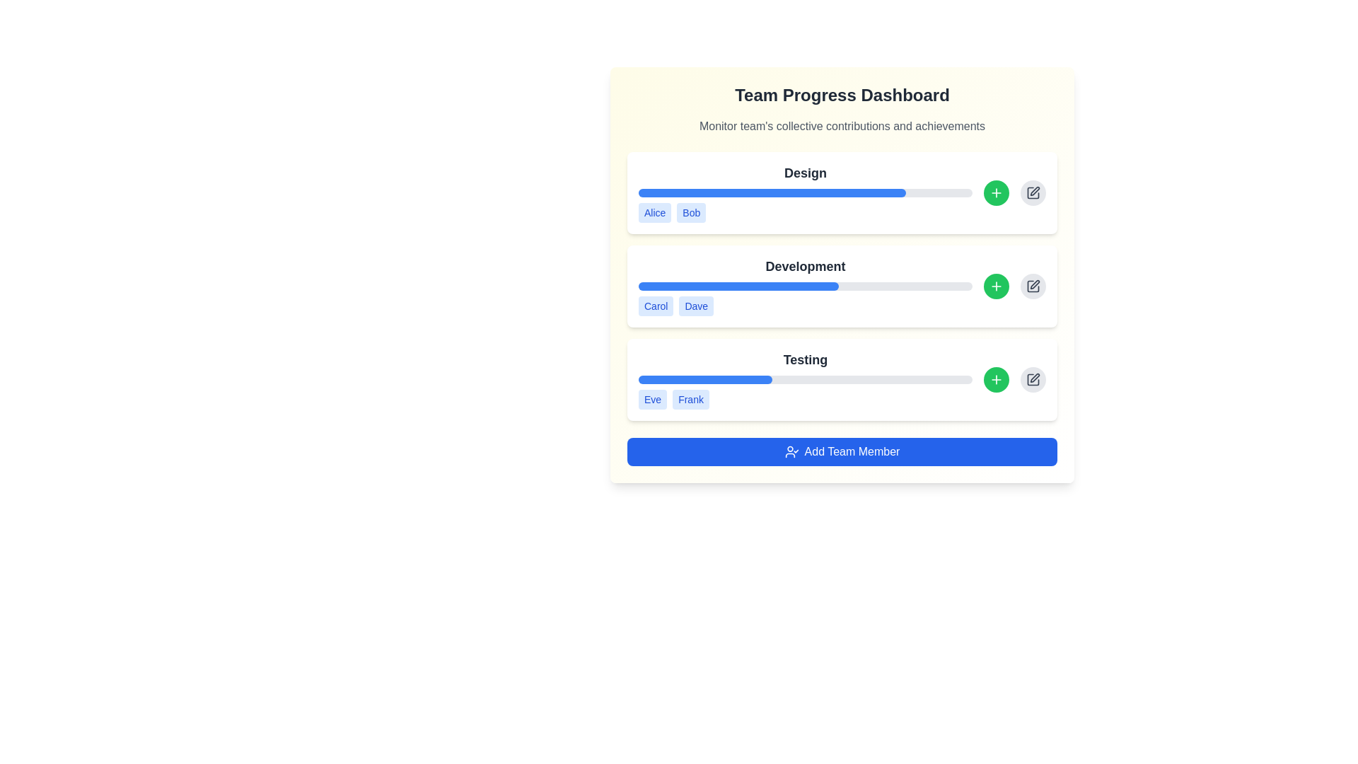  Describe the element at coordinates (738, 286) in the screenshot. I see `the horizontal progress bar filled to 60% with a vibrant blue color, located within the 'Development' subsection of the interface, centered below the 'Development' label and above the 'Add Team Member' button` at that location.